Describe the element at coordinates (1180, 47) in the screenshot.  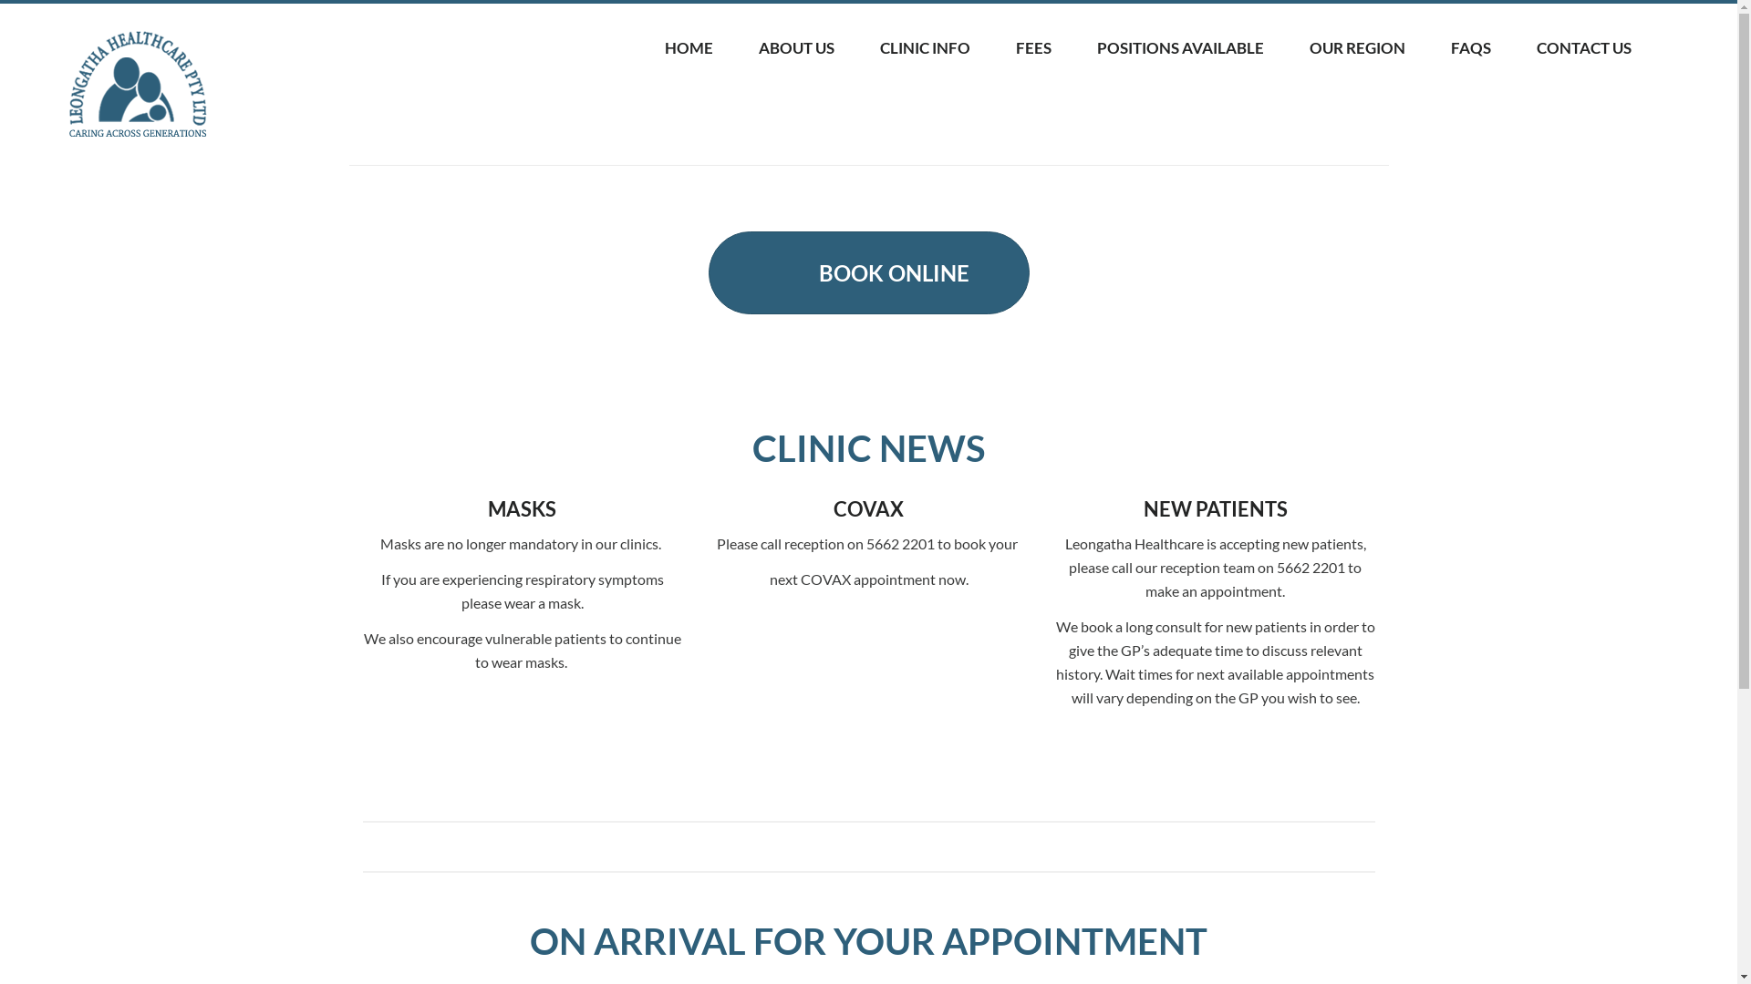
I see `'POSITIONS AVAILABLE'` at that location.